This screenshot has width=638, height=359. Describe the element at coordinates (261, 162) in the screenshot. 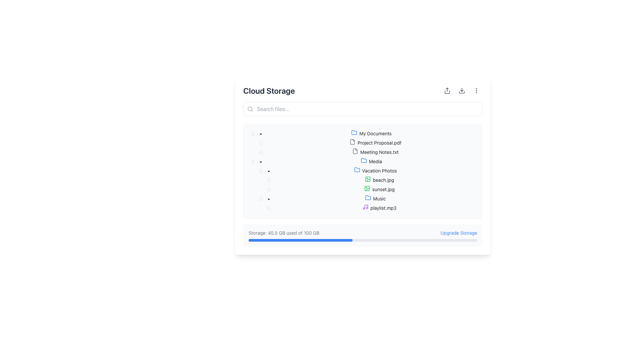

I see `the control toggle button next to the 'Media' folder label in the file tree` at that location.